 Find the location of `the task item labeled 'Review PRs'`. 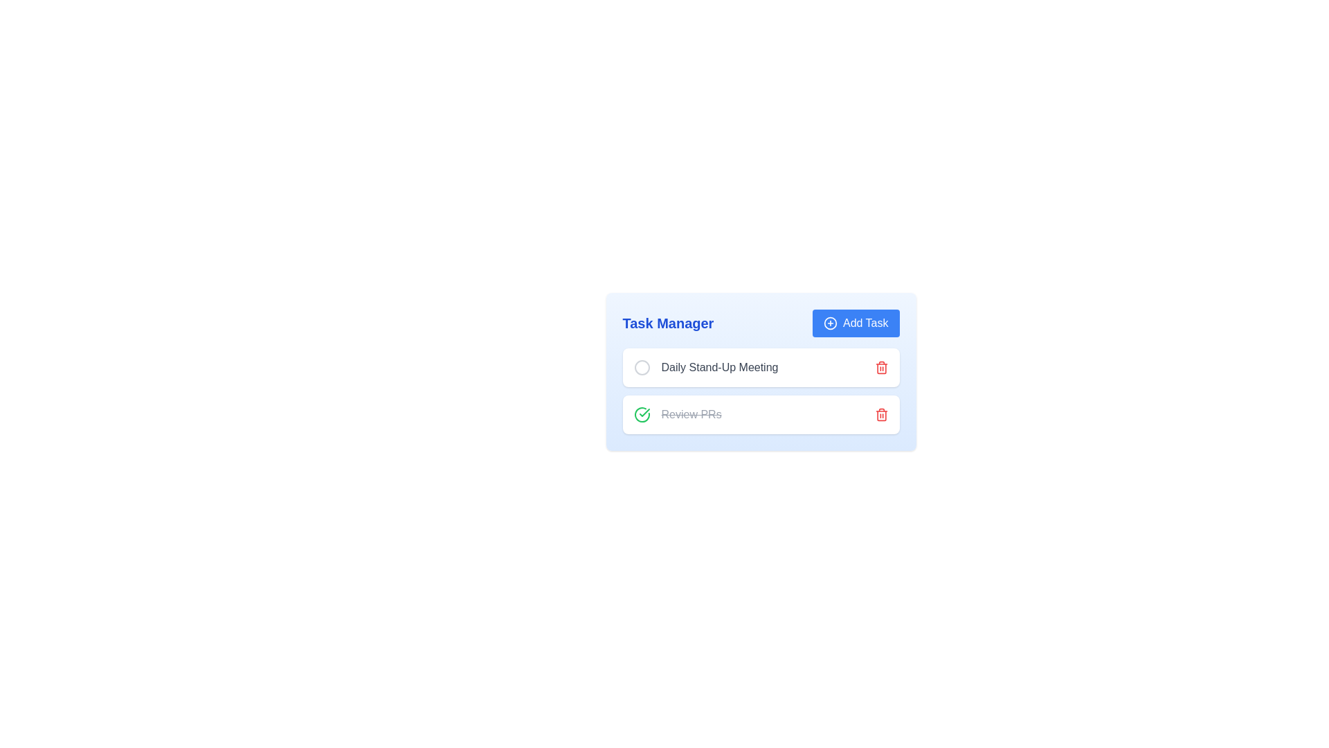

the task item labeled 'Review PRs' is located at coordinates (678, 413).